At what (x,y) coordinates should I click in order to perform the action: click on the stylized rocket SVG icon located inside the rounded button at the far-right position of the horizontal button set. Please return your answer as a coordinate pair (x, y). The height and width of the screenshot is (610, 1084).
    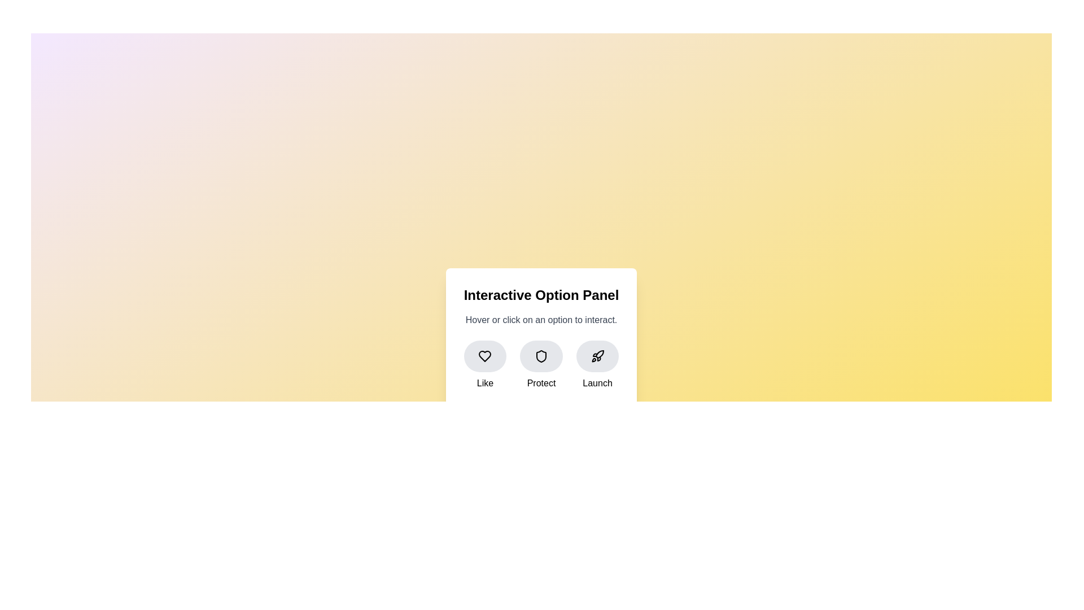
    Looking at the image, I should click on (597, 356).